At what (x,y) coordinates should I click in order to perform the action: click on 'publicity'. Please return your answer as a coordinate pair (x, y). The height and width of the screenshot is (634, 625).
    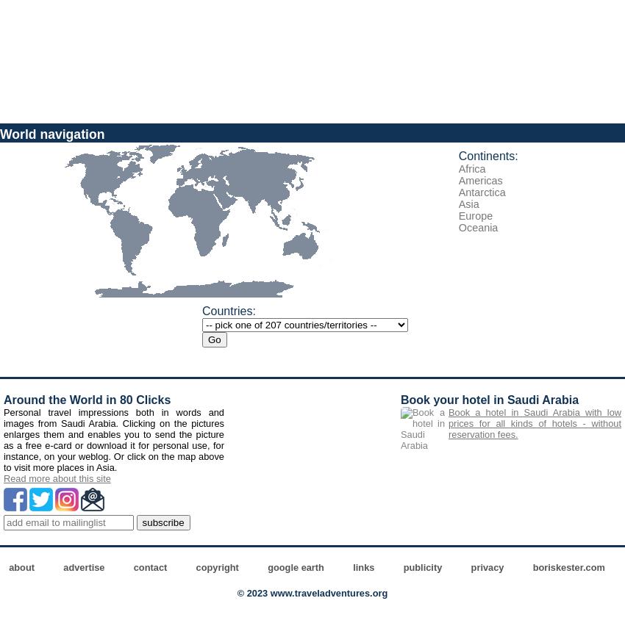
    Looking at the image, I should click on (401, 567).